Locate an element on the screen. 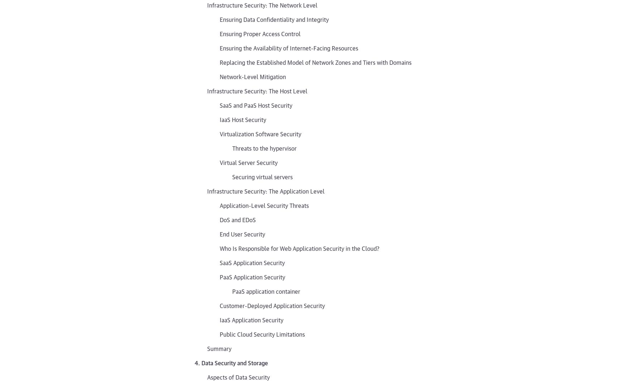  'Customer-Deployed Application Security' is located at coordinates (272, 305).